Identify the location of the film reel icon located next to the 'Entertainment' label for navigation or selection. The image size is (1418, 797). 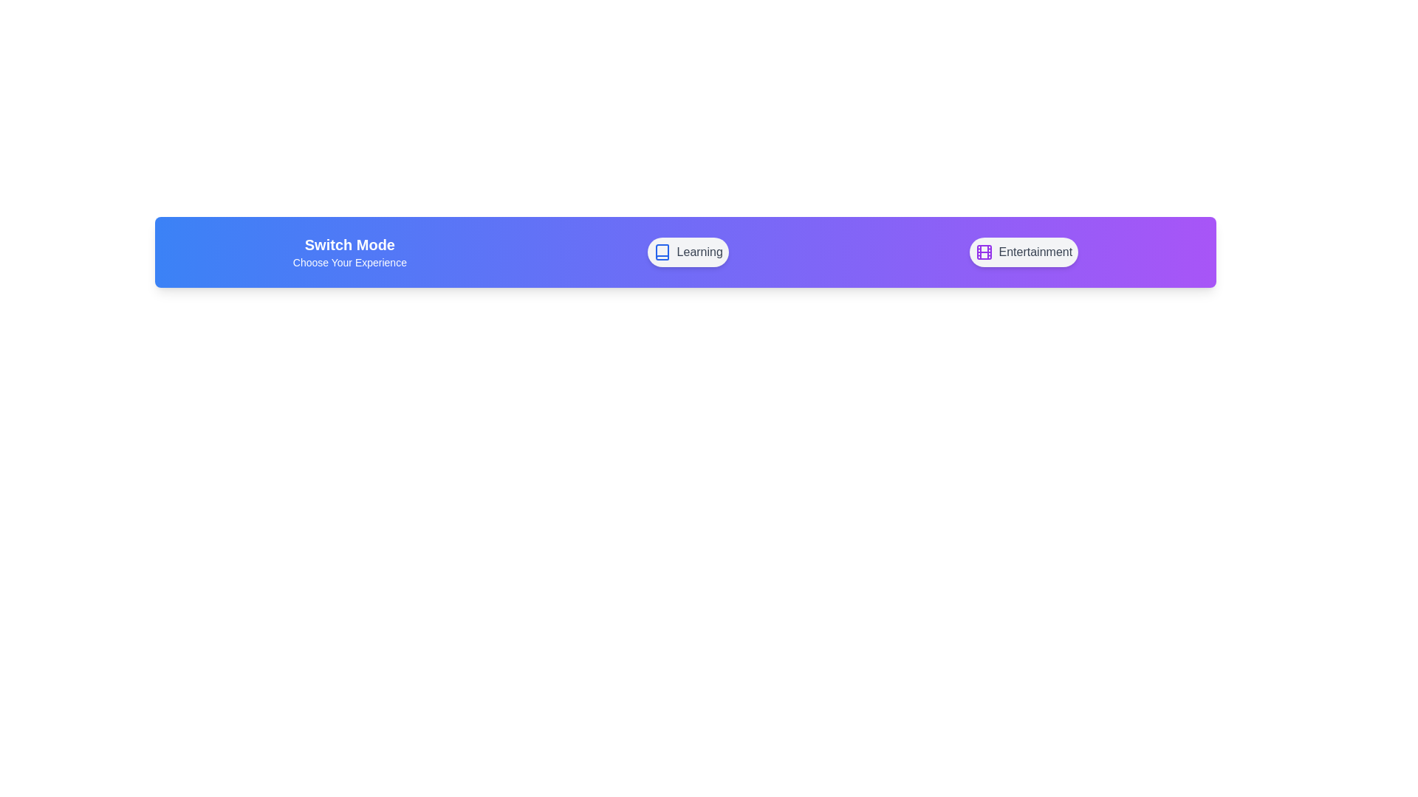
(983, 252).